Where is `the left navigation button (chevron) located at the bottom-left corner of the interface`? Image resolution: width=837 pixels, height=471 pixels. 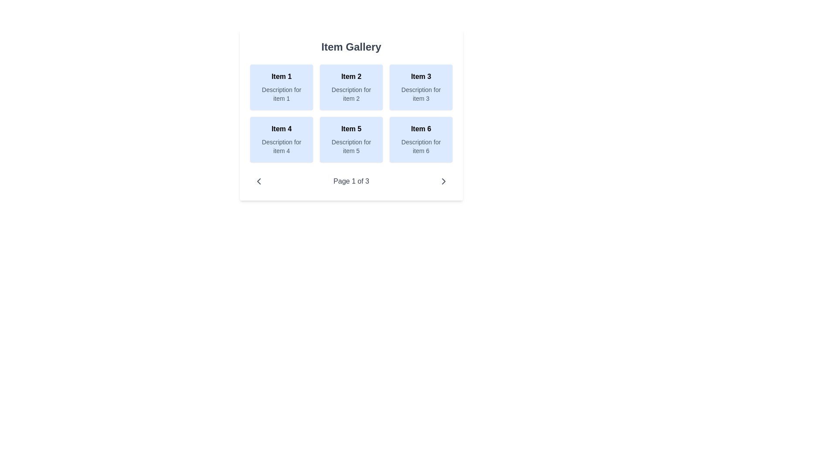
the left navigation button (chevron) located at the bottom-left corner of the interface is located at coordinates (259, 181).